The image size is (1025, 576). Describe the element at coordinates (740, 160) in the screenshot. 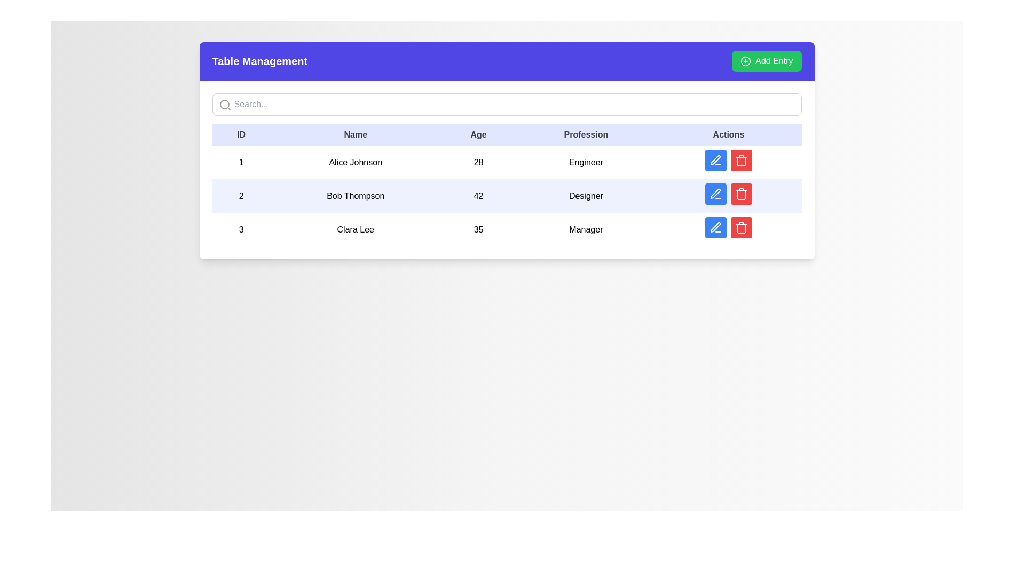

I see `the icon button with a trash can design indicating a delete action, located in the 'Actions' column of the second row in a table` at that location.